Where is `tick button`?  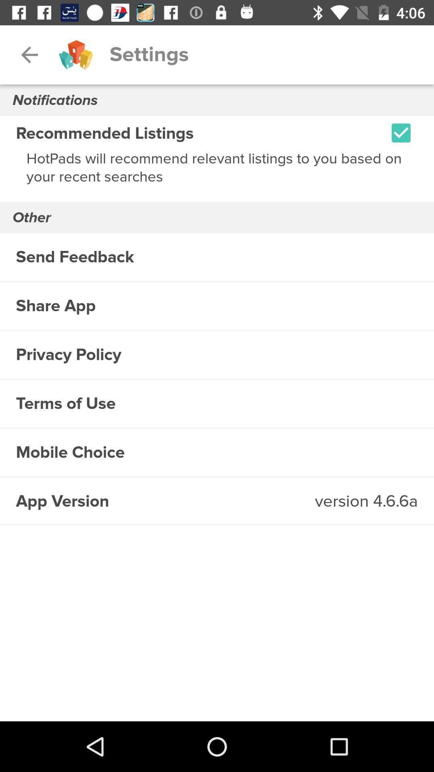
tick button is located at coordinates (401, 133).